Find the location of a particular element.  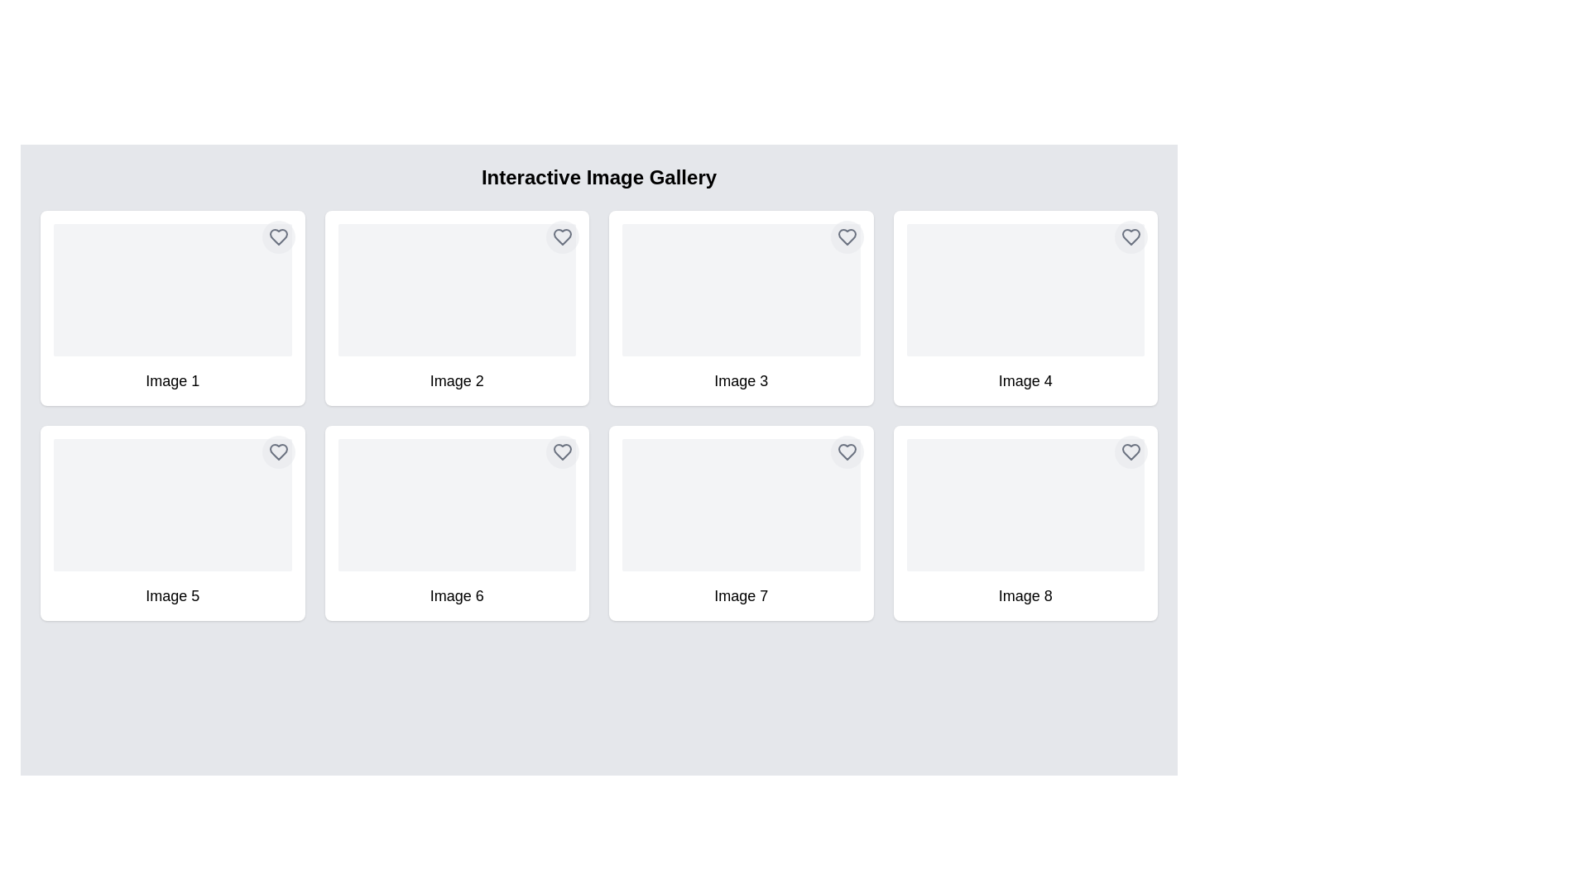

the descriptive text label associated with the fourth item in the grid layout, which is positioned below the image placeholder and centered horizontally in the card is located at coordinates (1025, 381).